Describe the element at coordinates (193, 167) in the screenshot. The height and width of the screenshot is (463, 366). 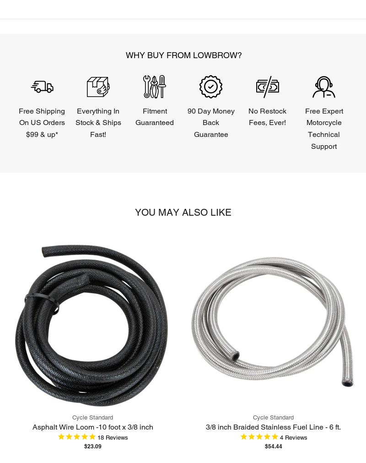
I see `'SHIPPING INSURANCE'` at that location.